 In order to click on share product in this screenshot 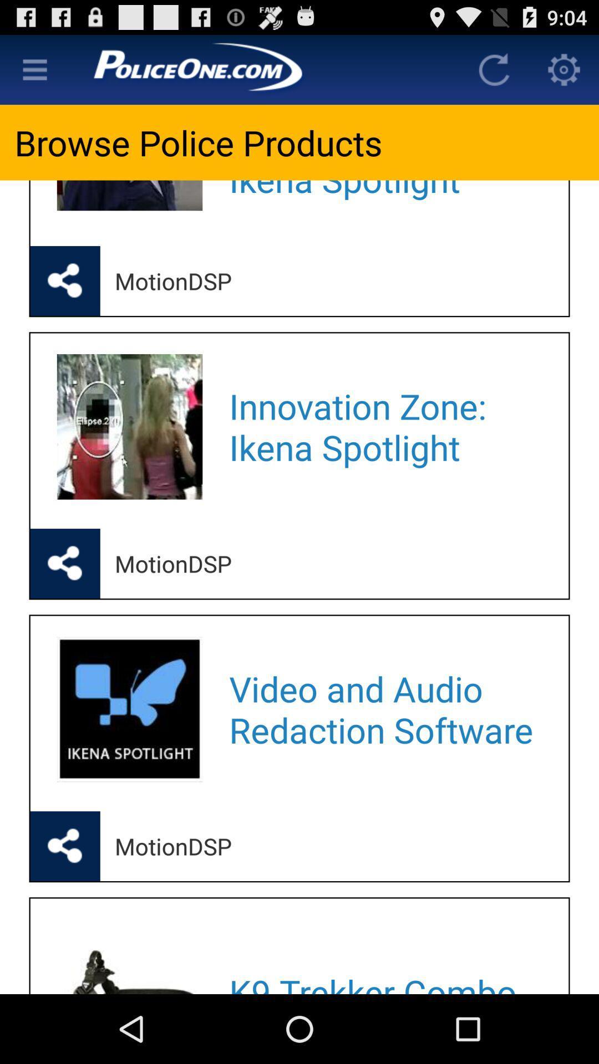, I will do `click(65, 564)`.